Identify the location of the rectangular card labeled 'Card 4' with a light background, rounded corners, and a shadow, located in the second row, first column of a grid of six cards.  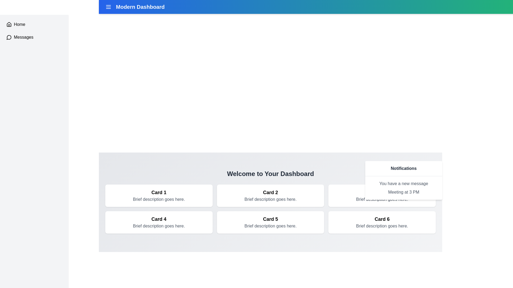
(158, 222).